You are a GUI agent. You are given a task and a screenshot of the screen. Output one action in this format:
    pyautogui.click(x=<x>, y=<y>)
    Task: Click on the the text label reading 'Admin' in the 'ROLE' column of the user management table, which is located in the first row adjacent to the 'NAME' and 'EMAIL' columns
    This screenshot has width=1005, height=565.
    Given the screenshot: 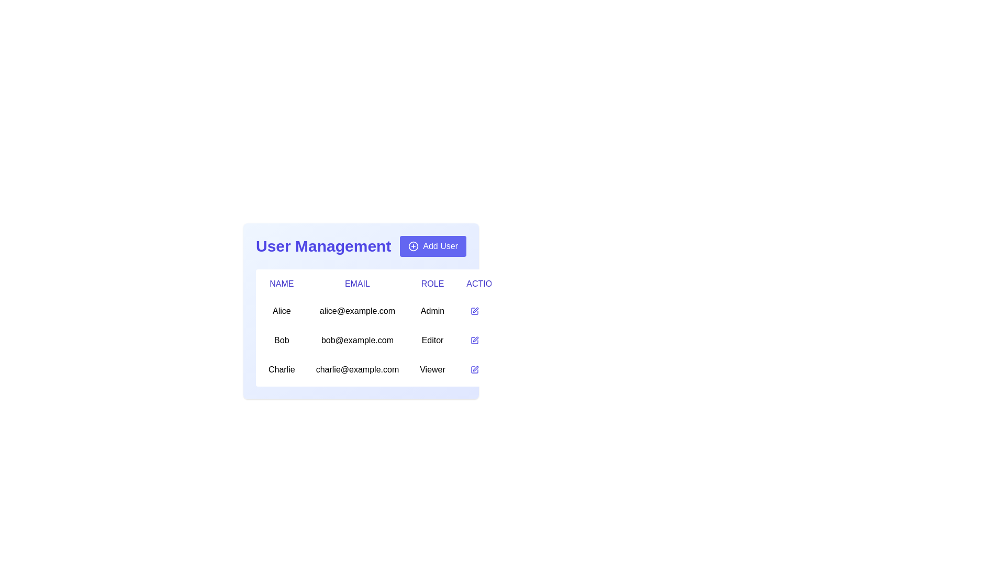 What is the action you would take?
    pyautogui.click(x=432, y=310)
    